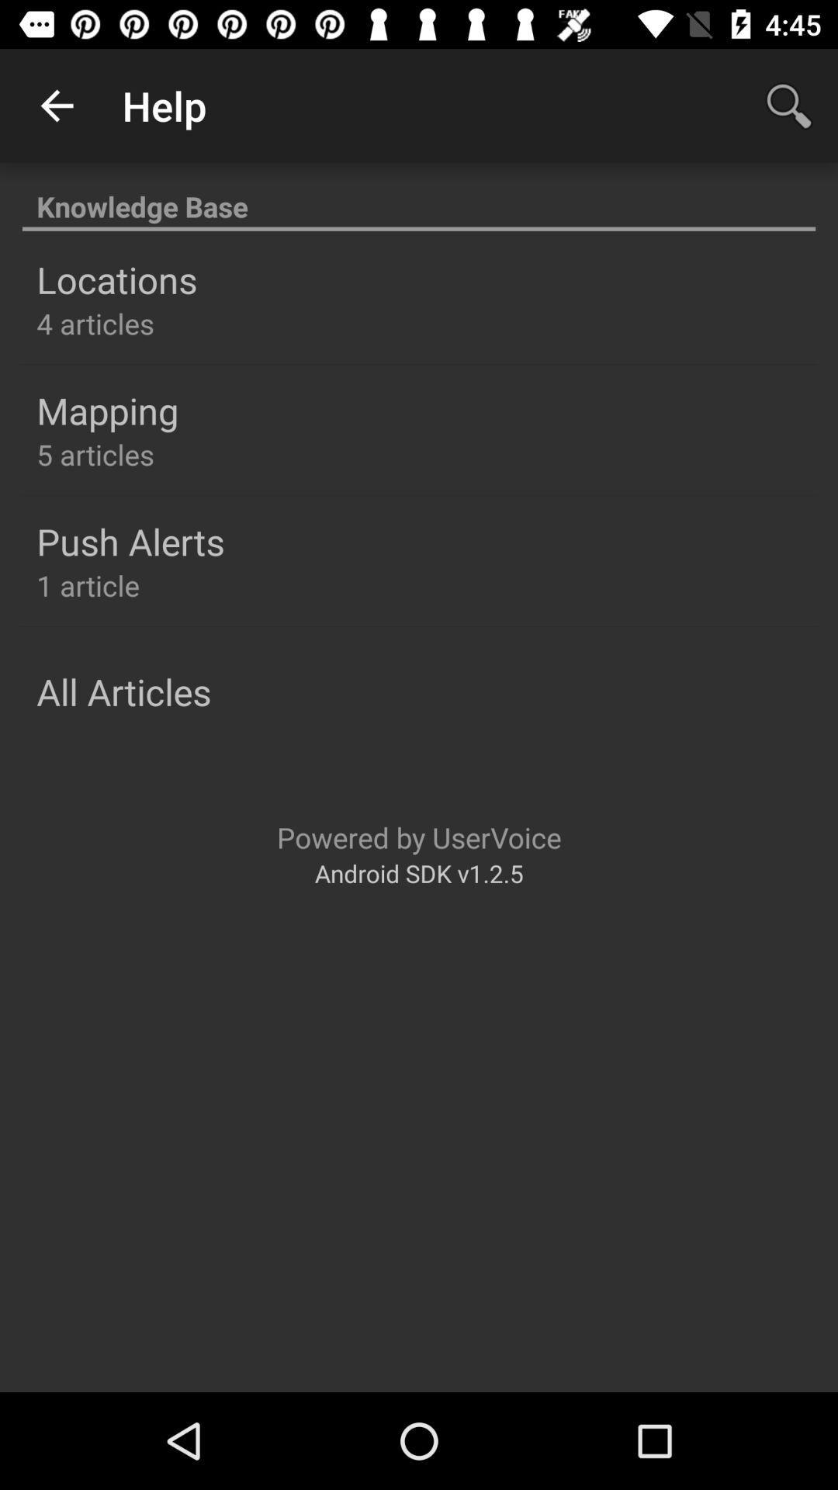  I want to click on icon to the left of the help app, so click(56, 105).